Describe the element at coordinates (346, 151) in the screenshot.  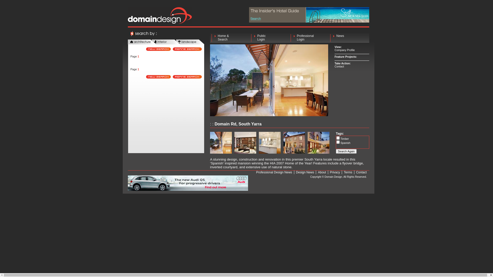
I see `'Search Again'` at that location.